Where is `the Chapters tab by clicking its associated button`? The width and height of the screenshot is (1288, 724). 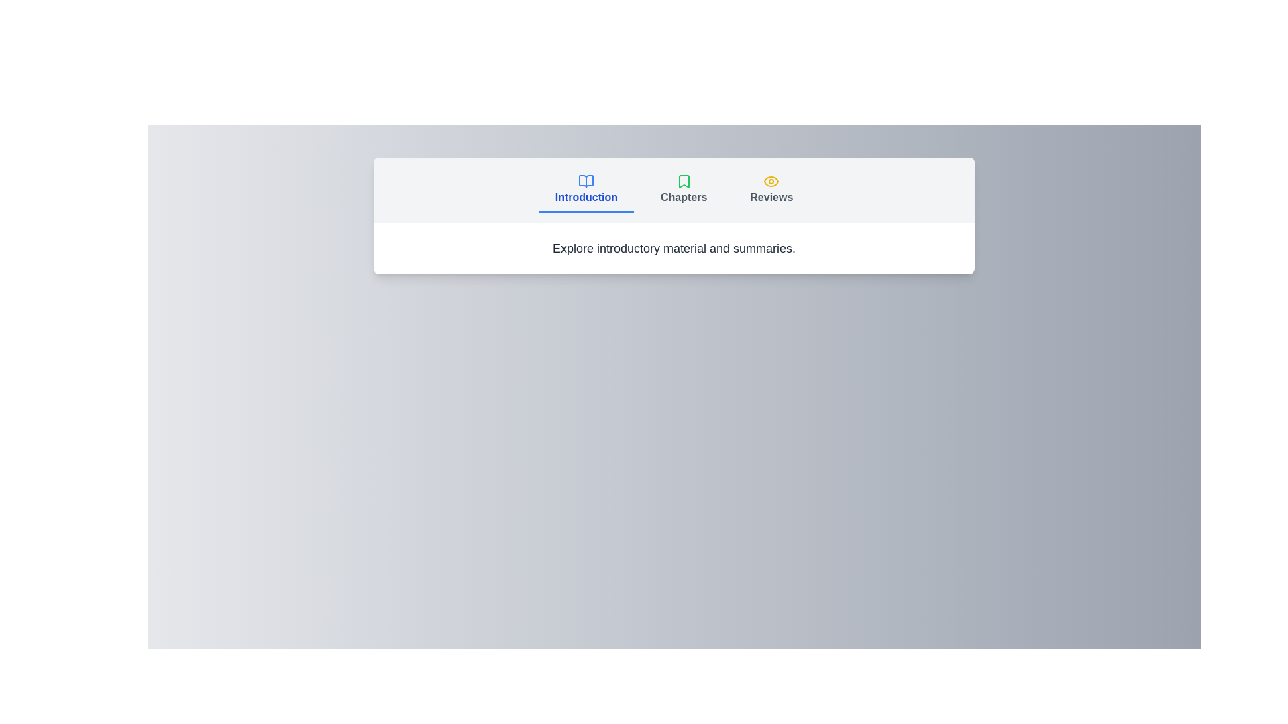
the Chapters tab by clicking its associated button is located at coordinates (684, 190).